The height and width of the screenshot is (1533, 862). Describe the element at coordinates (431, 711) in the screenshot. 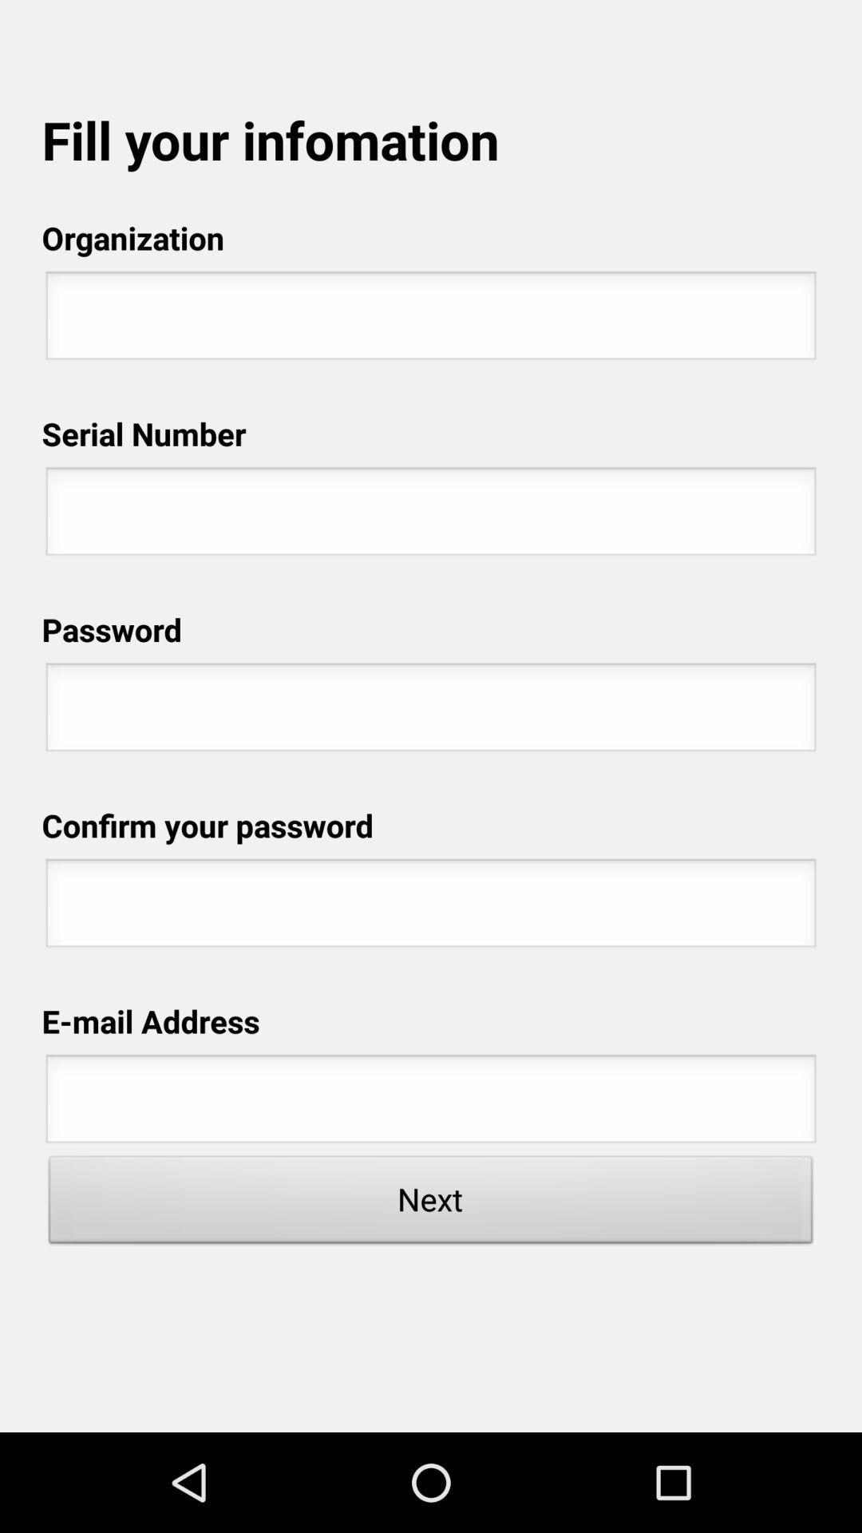

I see `input password` at that location.